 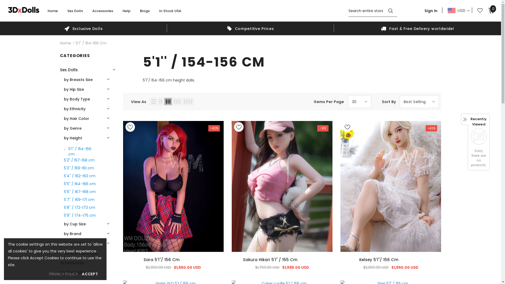 What do you see at coordinates (63, 108) in the screenshot?
I see `'by Ethnicity'` at bounding box center [63, 108].